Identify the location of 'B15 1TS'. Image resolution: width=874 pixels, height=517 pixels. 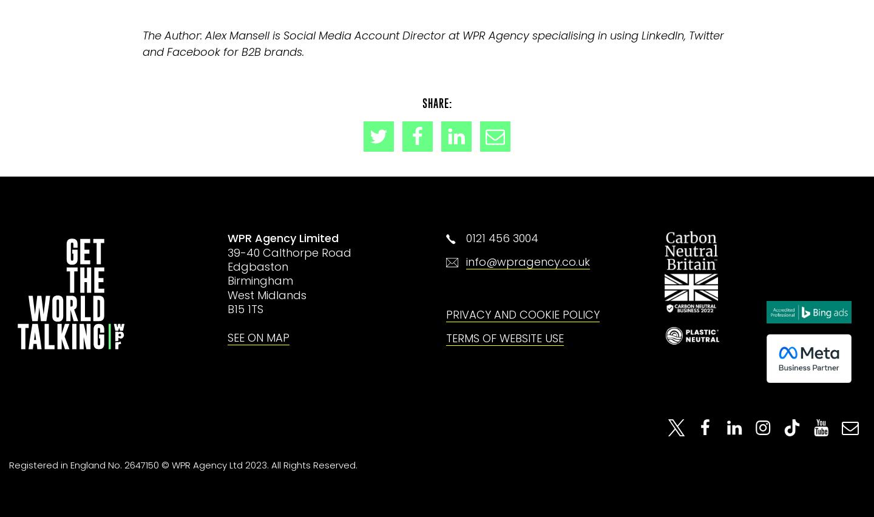
(226, 308).